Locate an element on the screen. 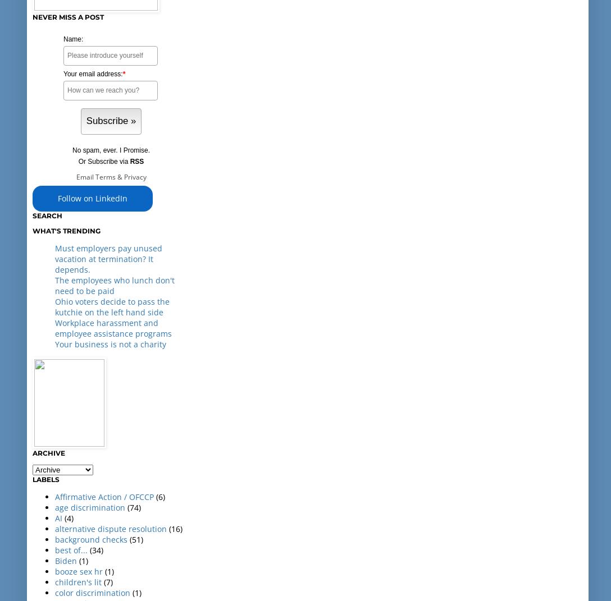 This screenshot has width=611, height=601. '(74)' is located at coordinates (134, 507).